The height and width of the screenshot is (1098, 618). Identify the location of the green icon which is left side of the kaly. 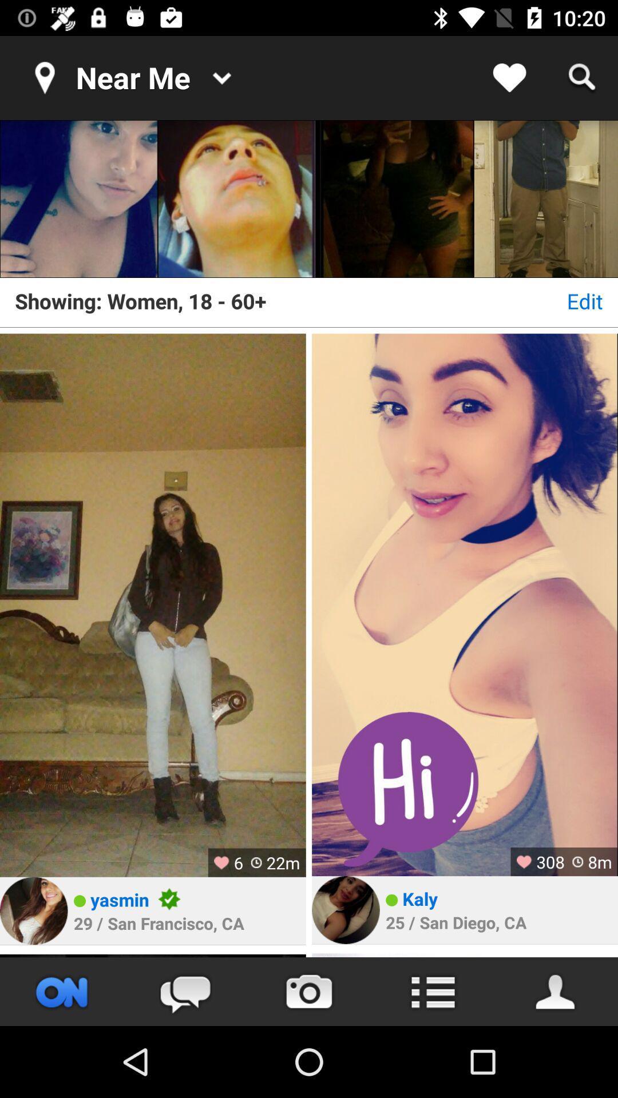
(391, 900).